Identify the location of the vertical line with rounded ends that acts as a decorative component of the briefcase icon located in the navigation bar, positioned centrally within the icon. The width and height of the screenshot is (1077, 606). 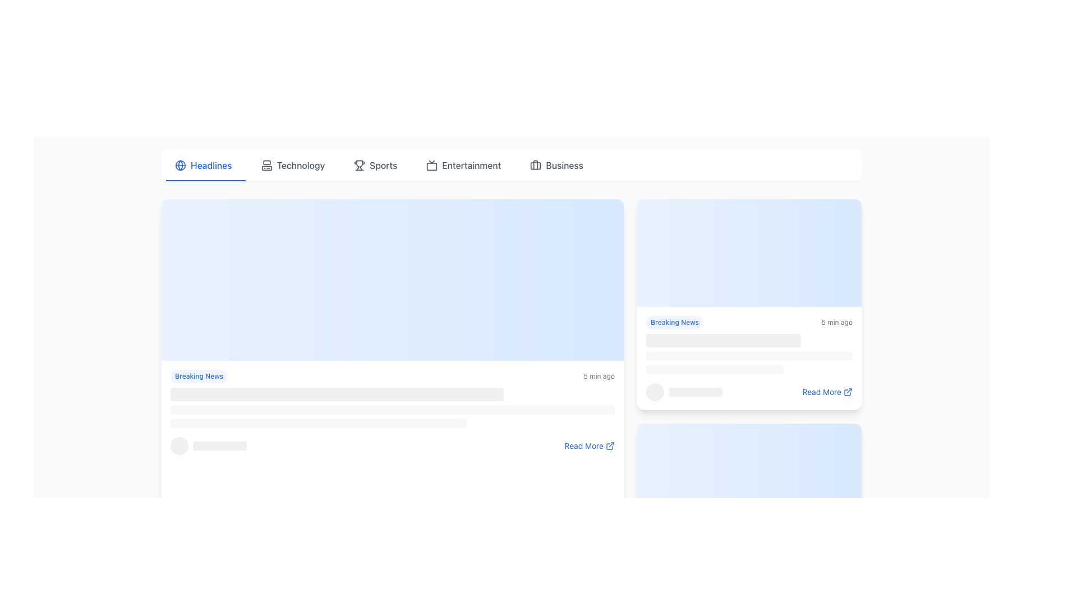
(535, 165).